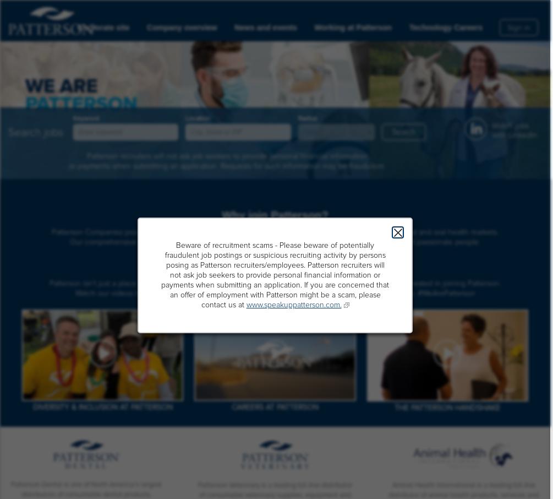 Image resolution: width=553 pixels, height=499 pixels. What do you see at coordinates (227, 155) in the screenshot?
I see `'Patterson recruiters will not ask job seekers to provide personal financial information'` at bounding box center [227, 155].